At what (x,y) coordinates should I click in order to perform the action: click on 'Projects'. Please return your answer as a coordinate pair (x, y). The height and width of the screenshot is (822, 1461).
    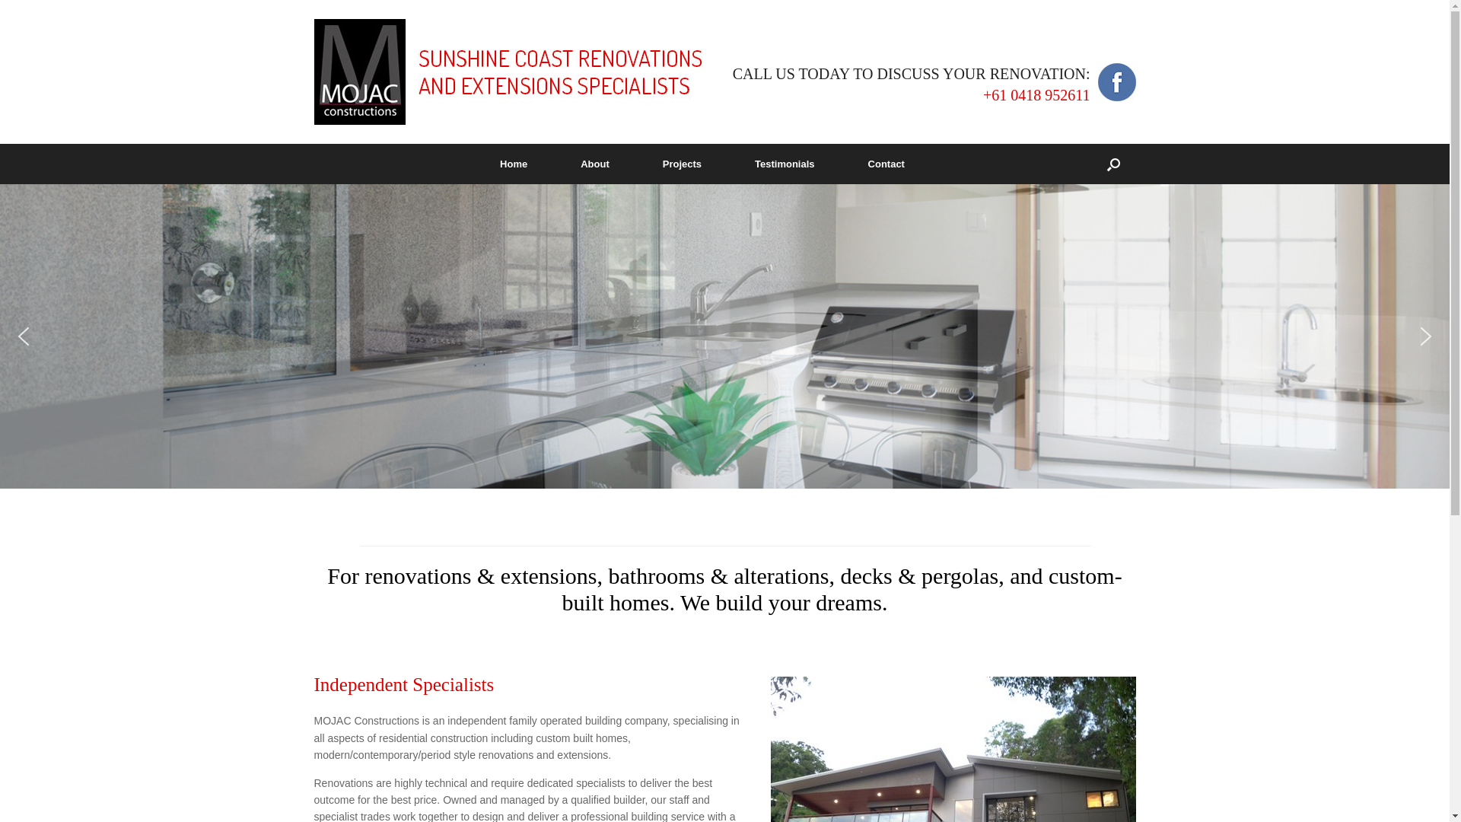
    Looking at the image, I should click on (681, 164).